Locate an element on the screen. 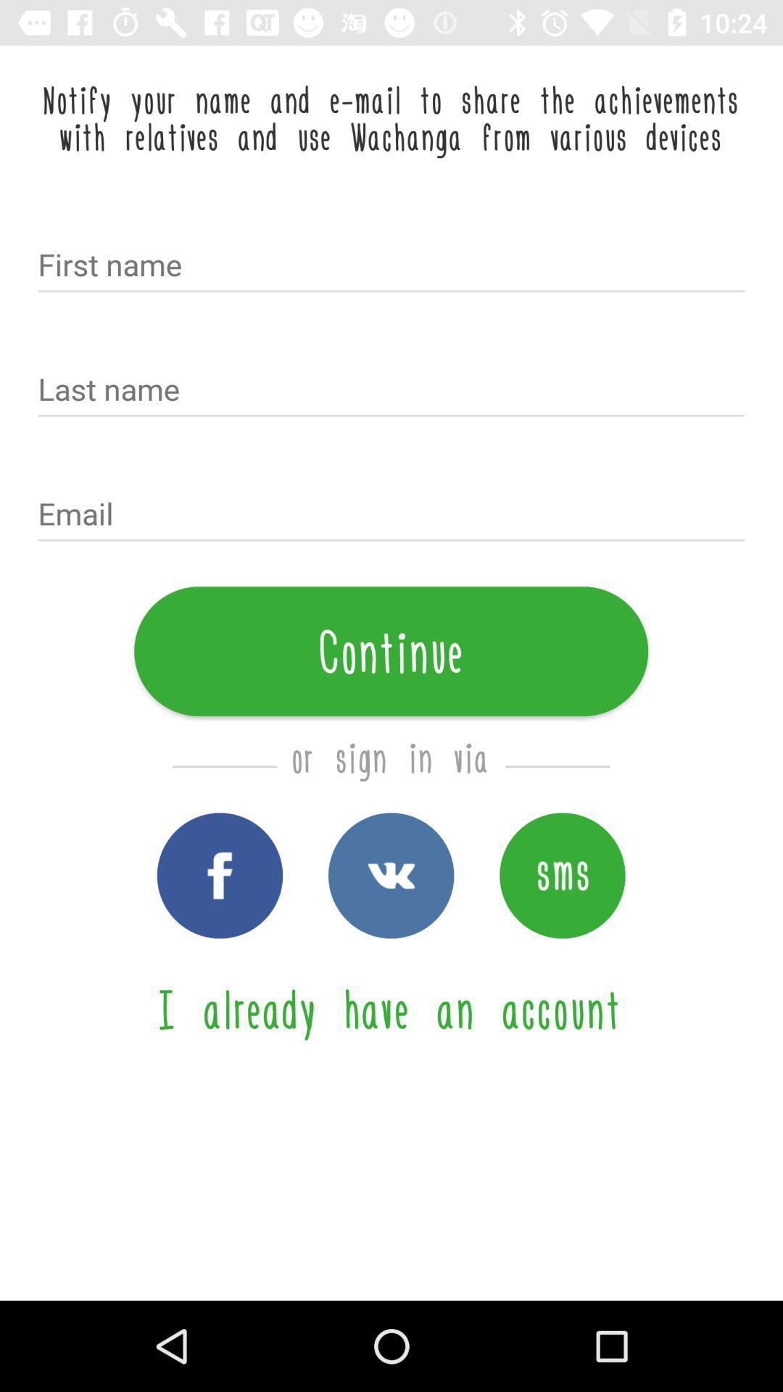 This screenshot has width=783, height=1392. last name textbox is located at coordinates (391, 391).